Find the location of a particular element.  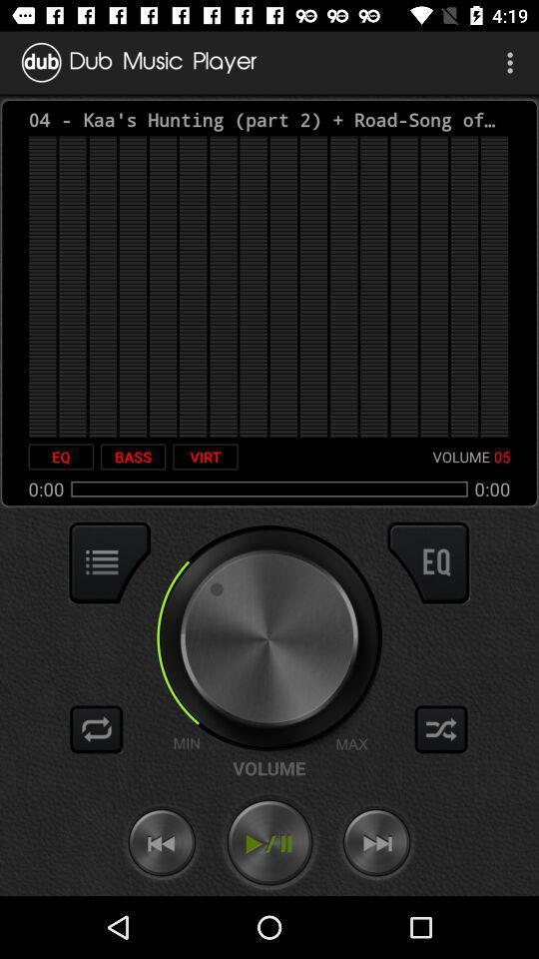

play/pause is located at coordinates (269, 842).